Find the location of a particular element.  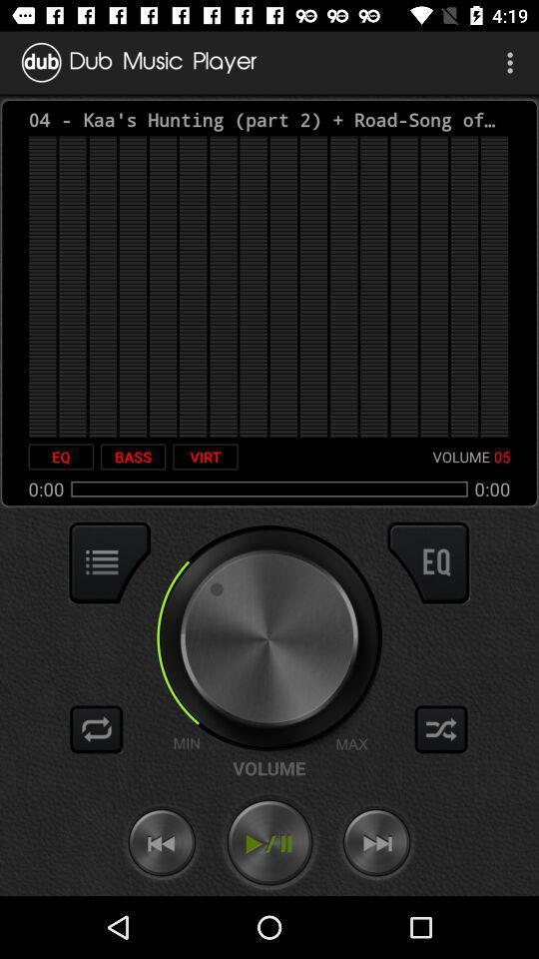

play/pause is located at coordinates (269, 842).